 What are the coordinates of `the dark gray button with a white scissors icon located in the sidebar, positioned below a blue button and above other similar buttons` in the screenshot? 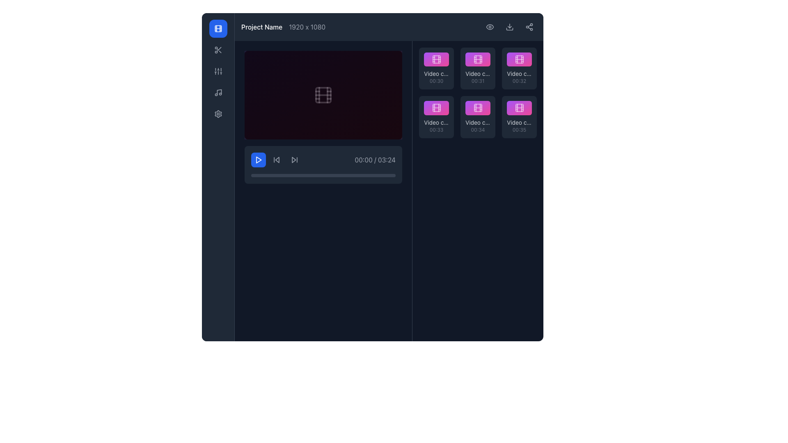 It's located at (218, 50).